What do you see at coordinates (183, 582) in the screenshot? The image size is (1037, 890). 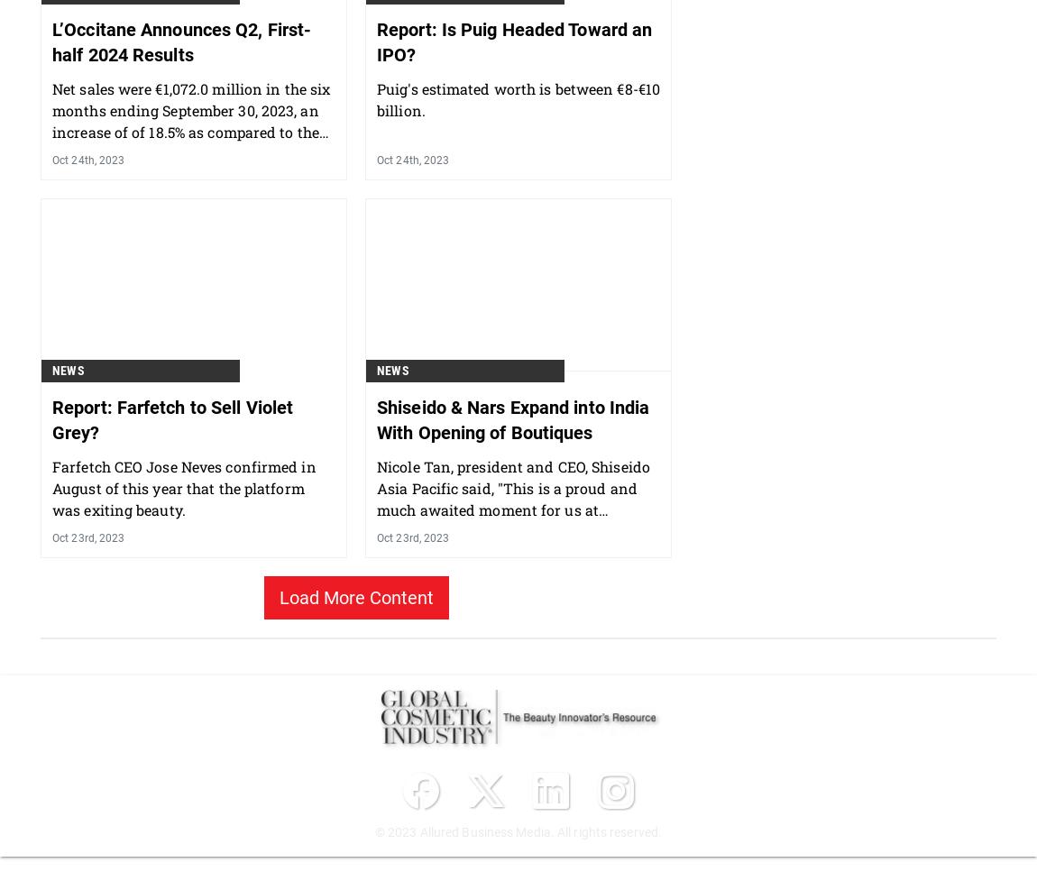 I see `'Farfetch CEO Jose Neves confirmed in August of this year that the platform was exiting beauty.'` at bounding box center [183, 582].